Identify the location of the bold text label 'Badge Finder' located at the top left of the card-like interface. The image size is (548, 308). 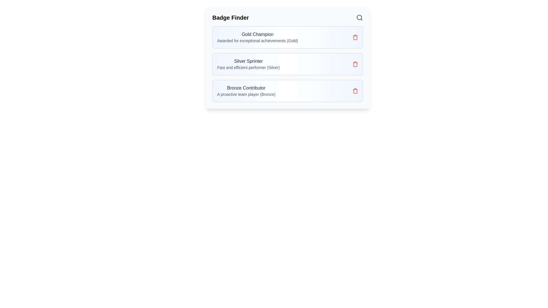
(230, 17).